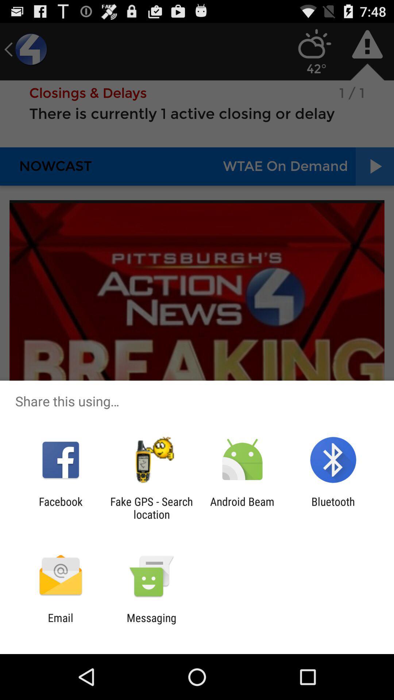  I want to click on email app, so click(60, 624).